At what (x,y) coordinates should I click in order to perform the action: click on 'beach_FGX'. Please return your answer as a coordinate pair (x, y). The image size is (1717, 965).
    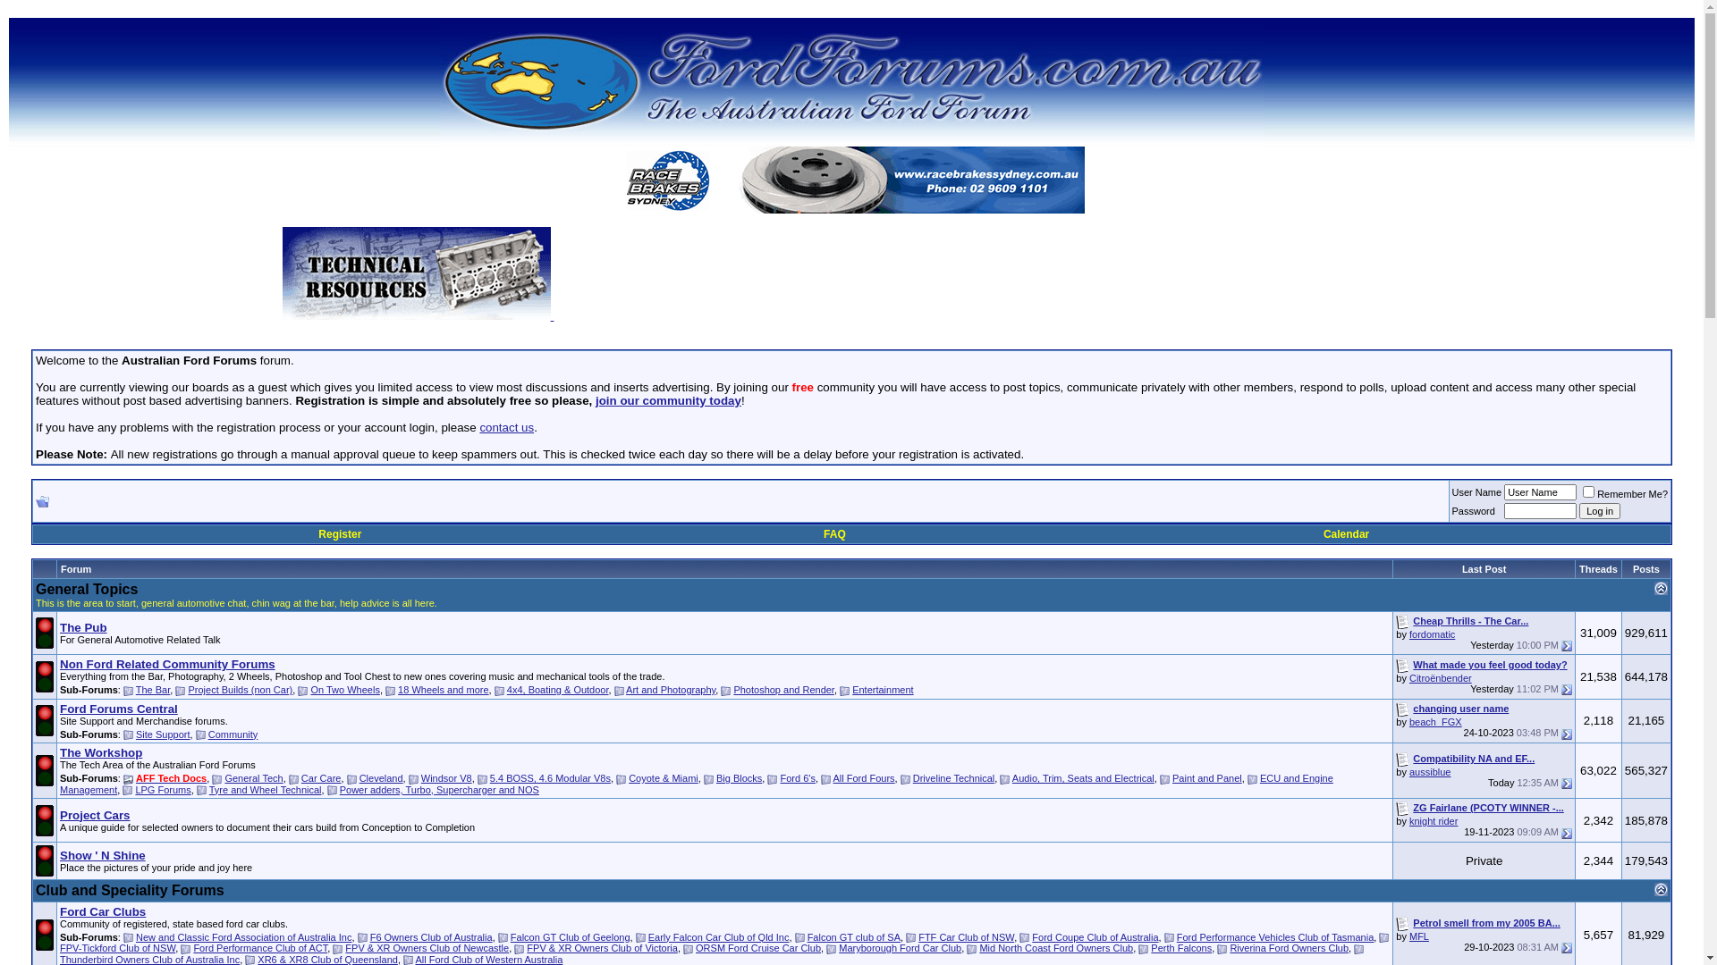
    Looking at the image, I should click on (1435, 720).